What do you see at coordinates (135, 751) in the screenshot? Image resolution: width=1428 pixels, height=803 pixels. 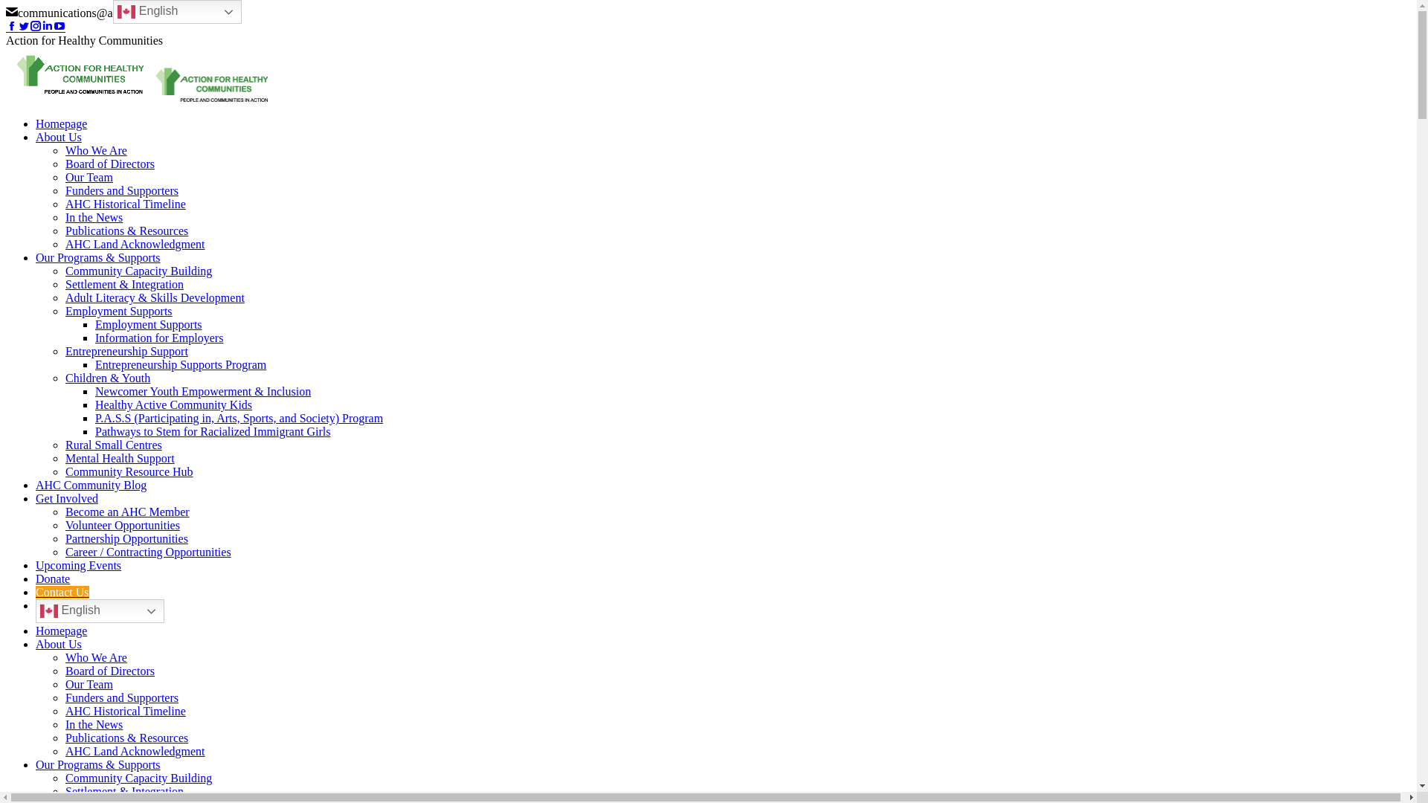 I see `'AHC Land Acknowledgment'` at bounding box center [135, 751].